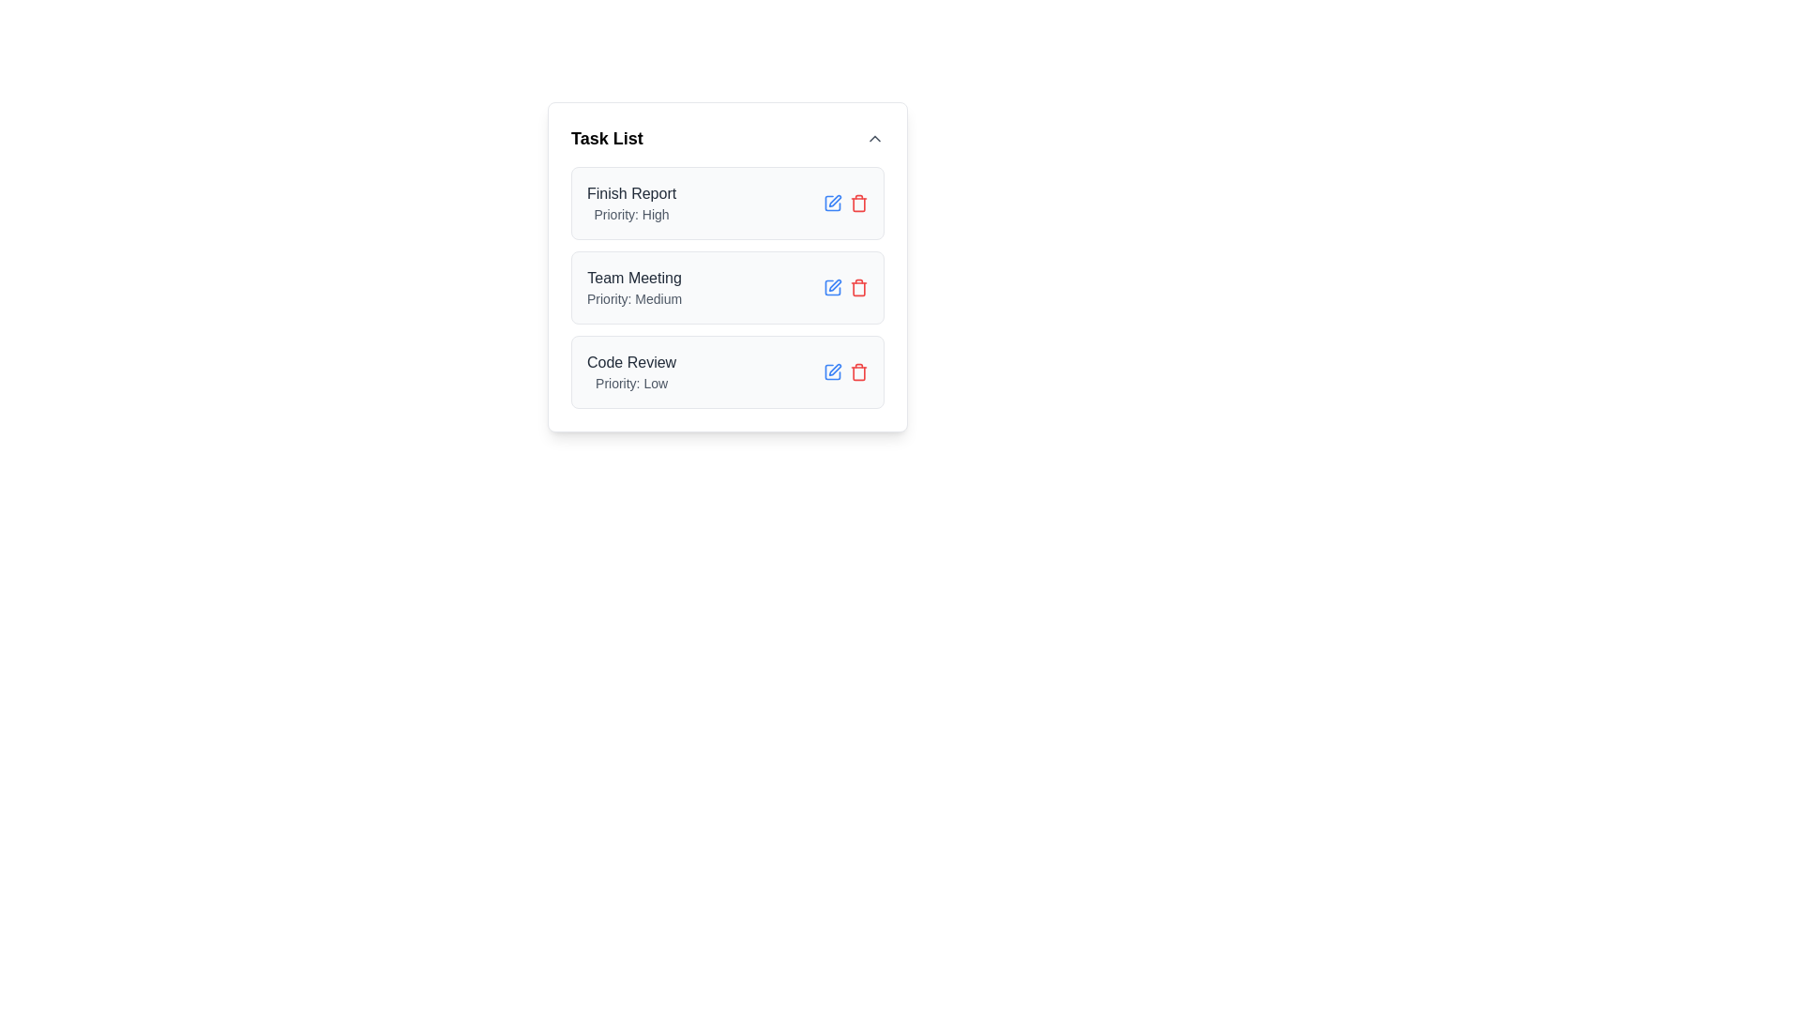 This screenshot has height=1013, width=1801. I want to click on text label displaying 'Priority: High', which is styled in a smaller font size and gray color, located below the task title 'Finish Report' in the first task card of the task list, so click(631, 213).